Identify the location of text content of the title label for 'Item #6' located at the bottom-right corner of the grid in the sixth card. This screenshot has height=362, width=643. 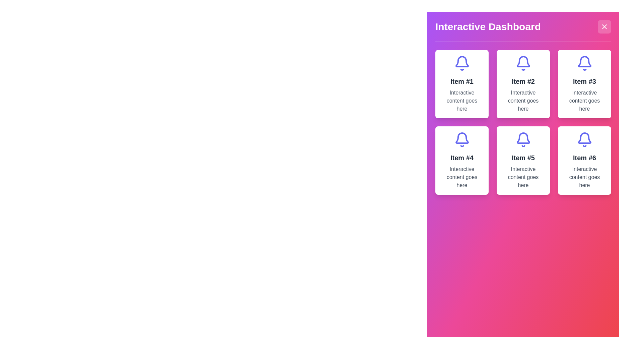
(584, 158).